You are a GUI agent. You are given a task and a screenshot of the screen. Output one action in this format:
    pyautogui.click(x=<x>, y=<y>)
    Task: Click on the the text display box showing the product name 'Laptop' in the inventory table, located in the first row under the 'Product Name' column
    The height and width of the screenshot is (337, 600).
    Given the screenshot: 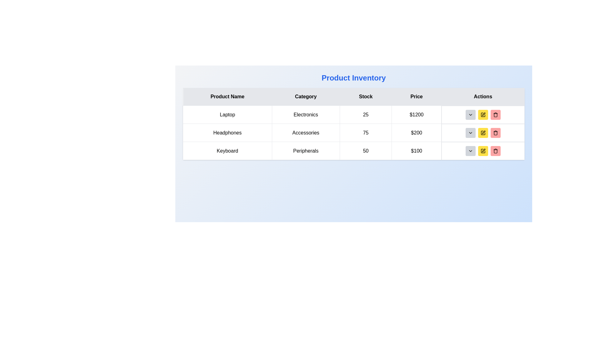 What is the action you would take?
    pyautogui.click(x=227, y=115)
    